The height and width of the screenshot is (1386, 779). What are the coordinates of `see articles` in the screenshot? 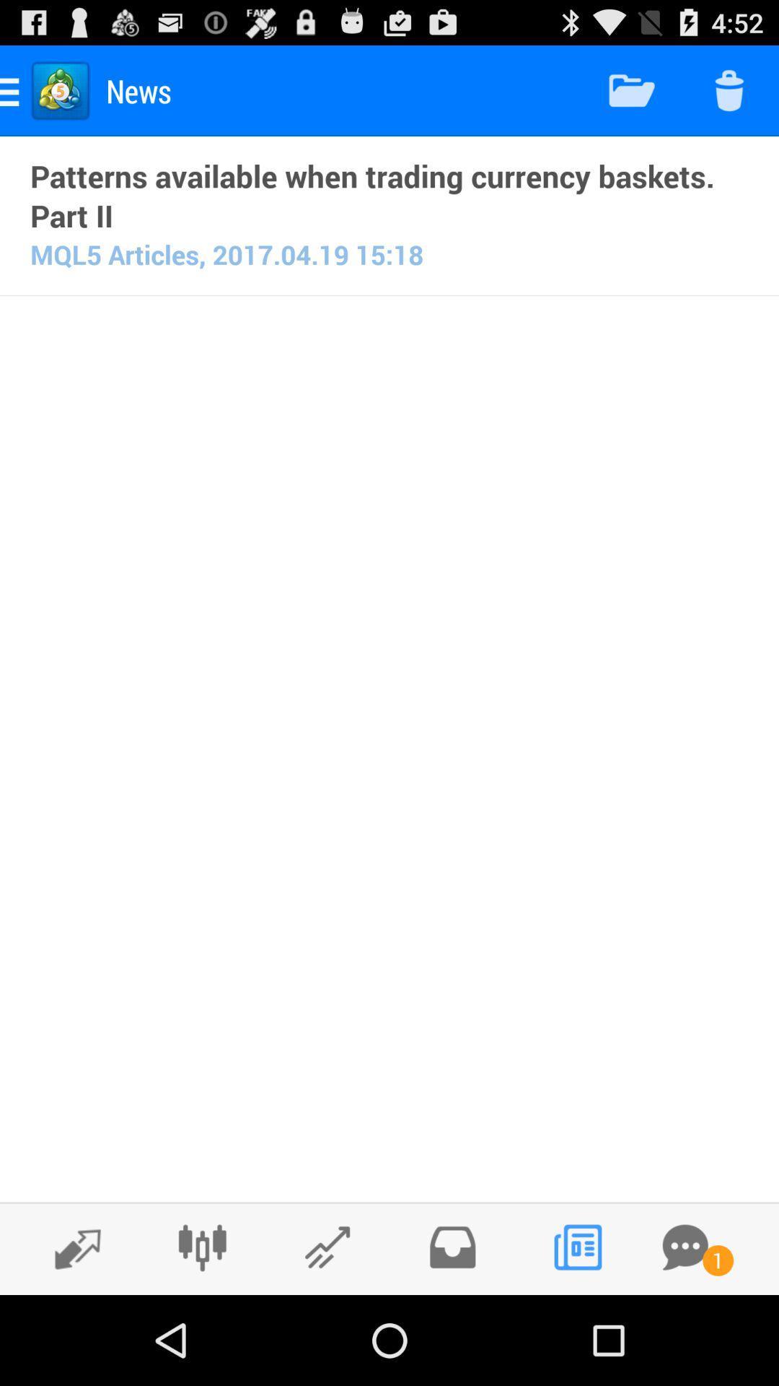 It's located at (576, 1247).